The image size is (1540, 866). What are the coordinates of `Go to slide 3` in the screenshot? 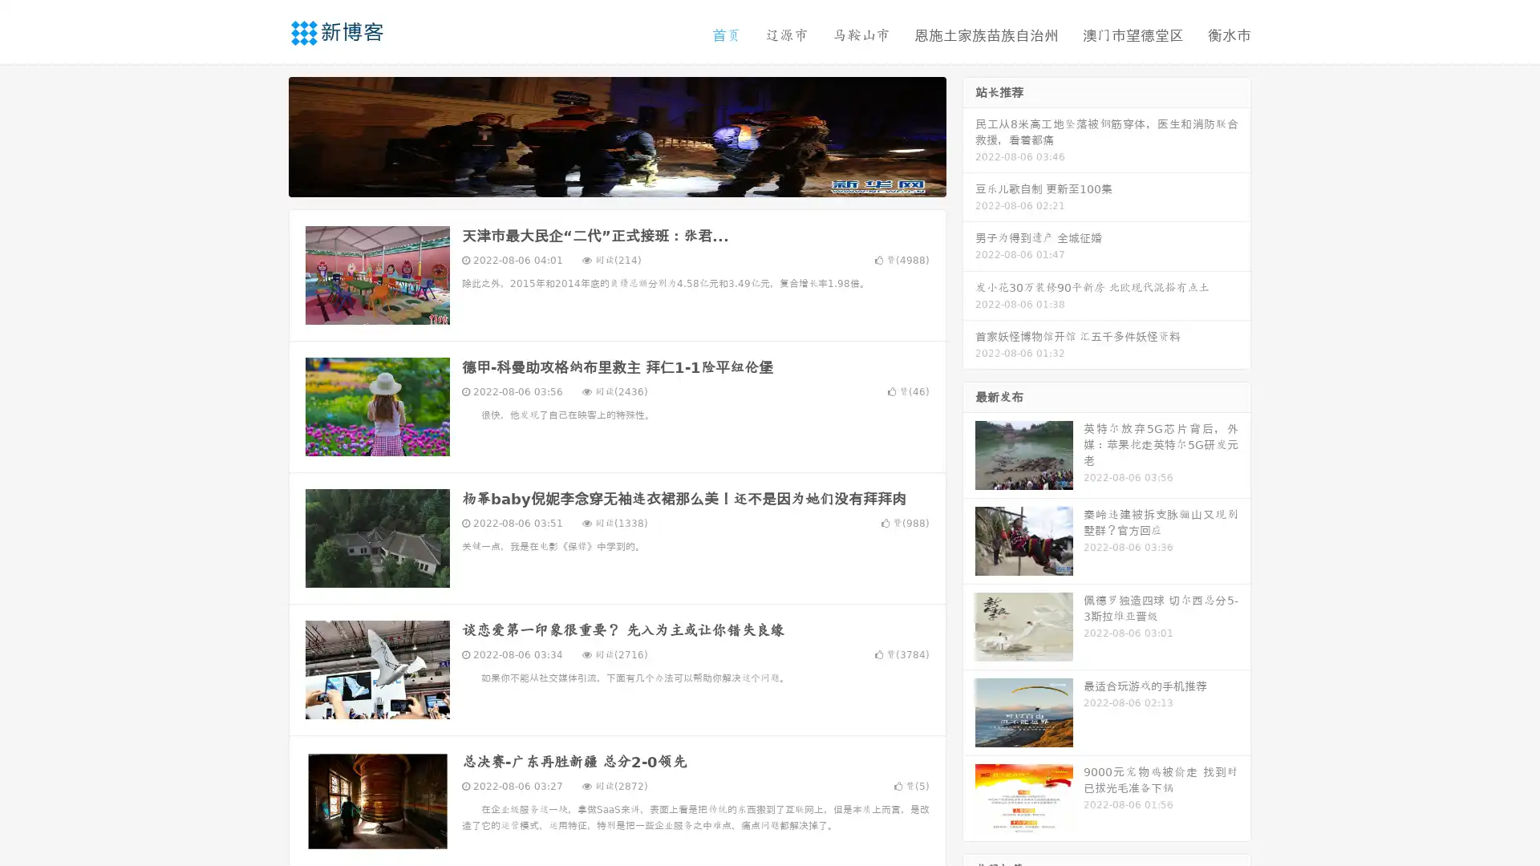 It's located at (633, 180).